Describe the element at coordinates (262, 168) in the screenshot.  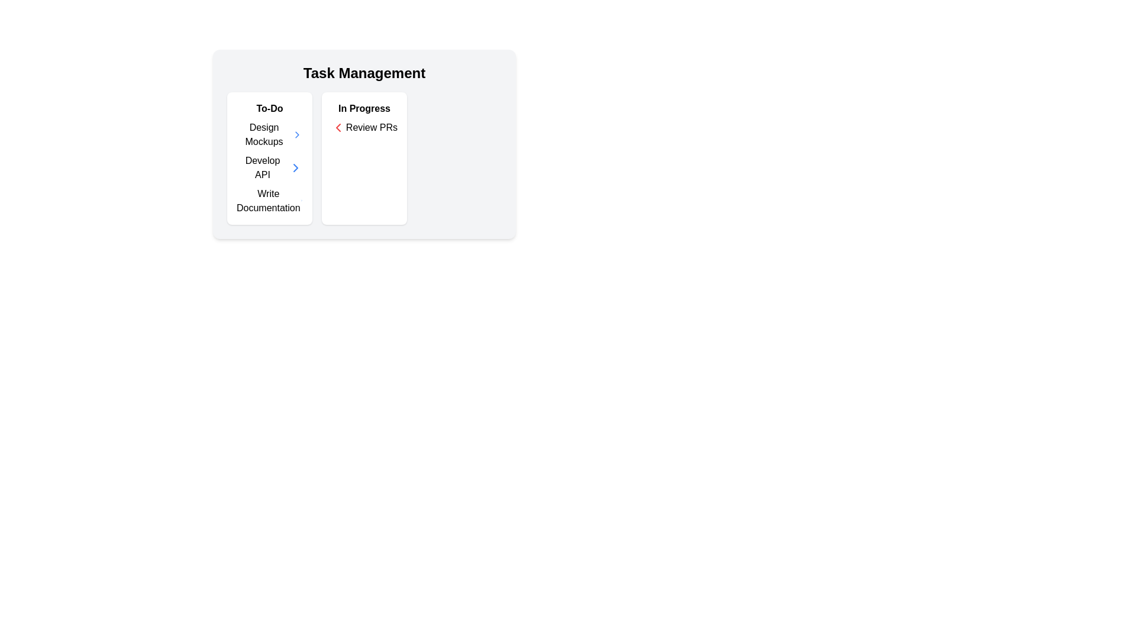
I see `text label displaying 'Develop API' located in the 'To-Do' column under the 'Task Management' section` at that location.